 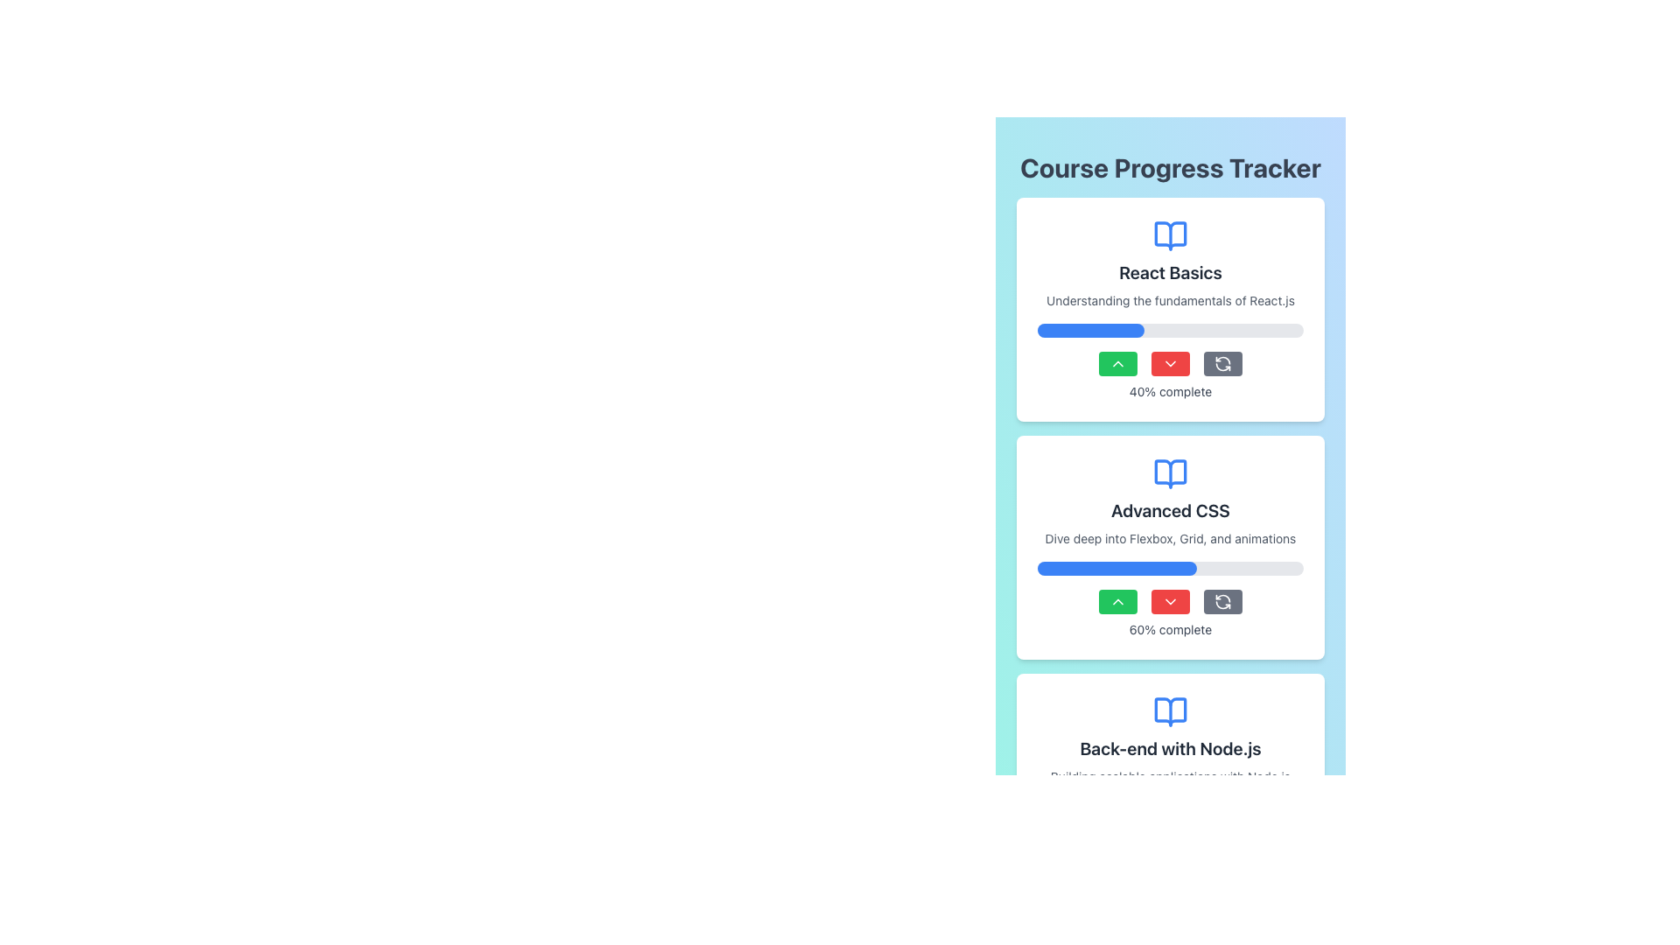 What do you see at coordinates (1089, 331) in the screenshot?
I see `the progress display bar for the 'React Basics' course` at bounding box center [1089, 331].